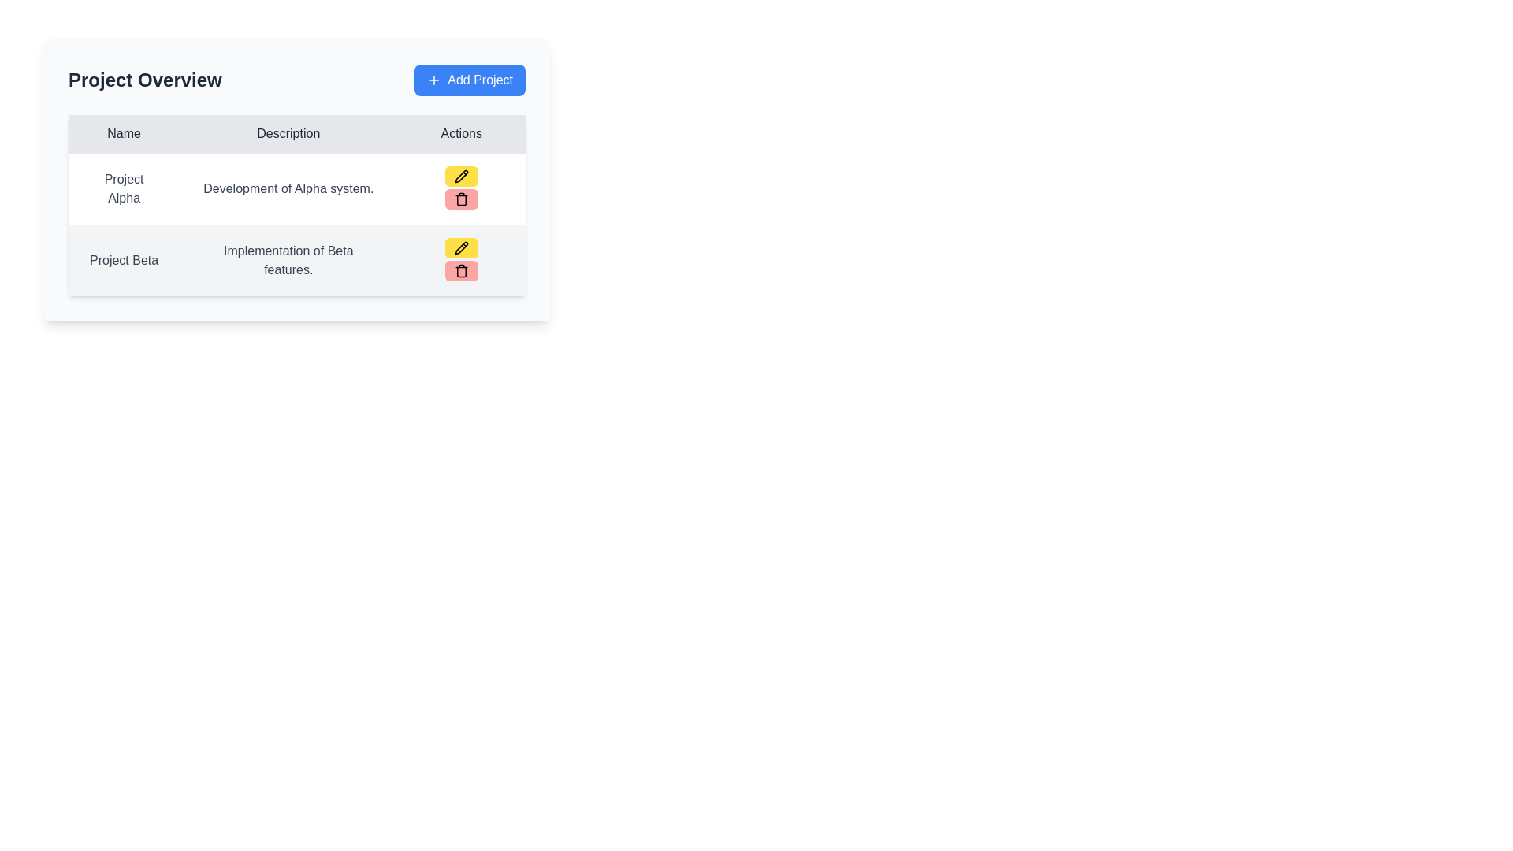 This screenshot has width=1513, height=851. Describe the element at coordinates (460, 248) in the screenshot. I see `the pencil icon in the 'Actions' column of the first row in the Project Overview table` at that location.